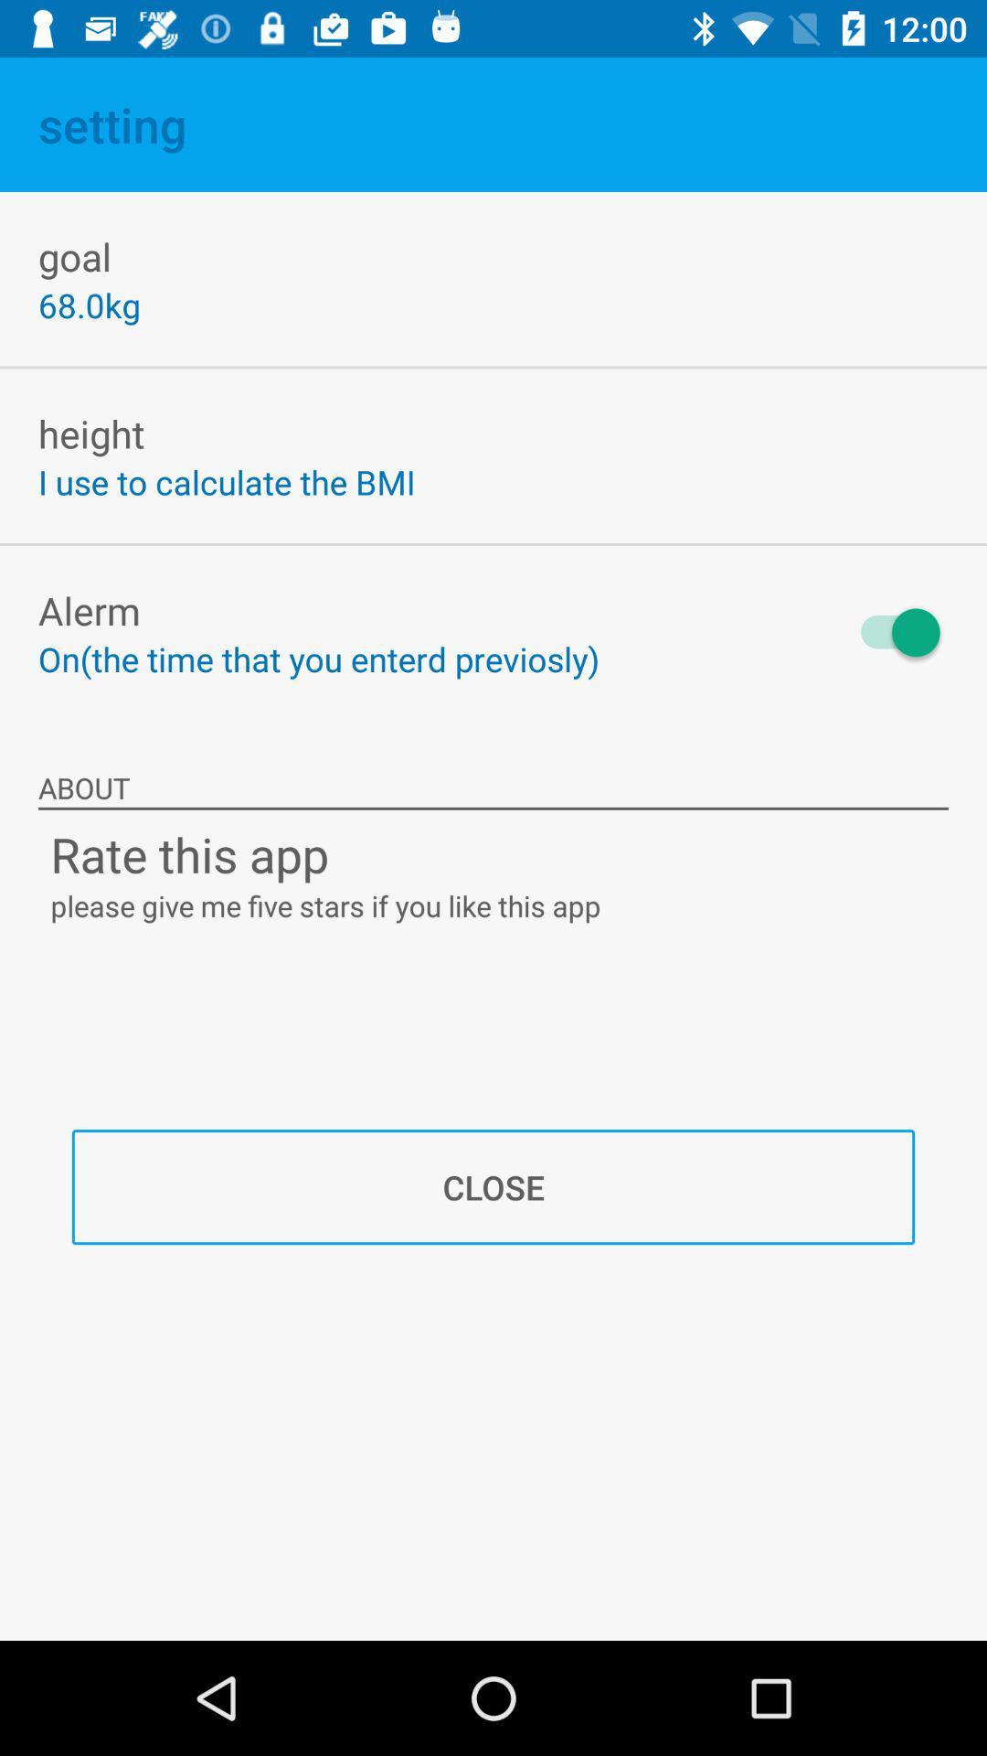  What do you see at coordinates (493, 1187) in the screenshot?
I see `close item` at bounding box center [493, 1187].